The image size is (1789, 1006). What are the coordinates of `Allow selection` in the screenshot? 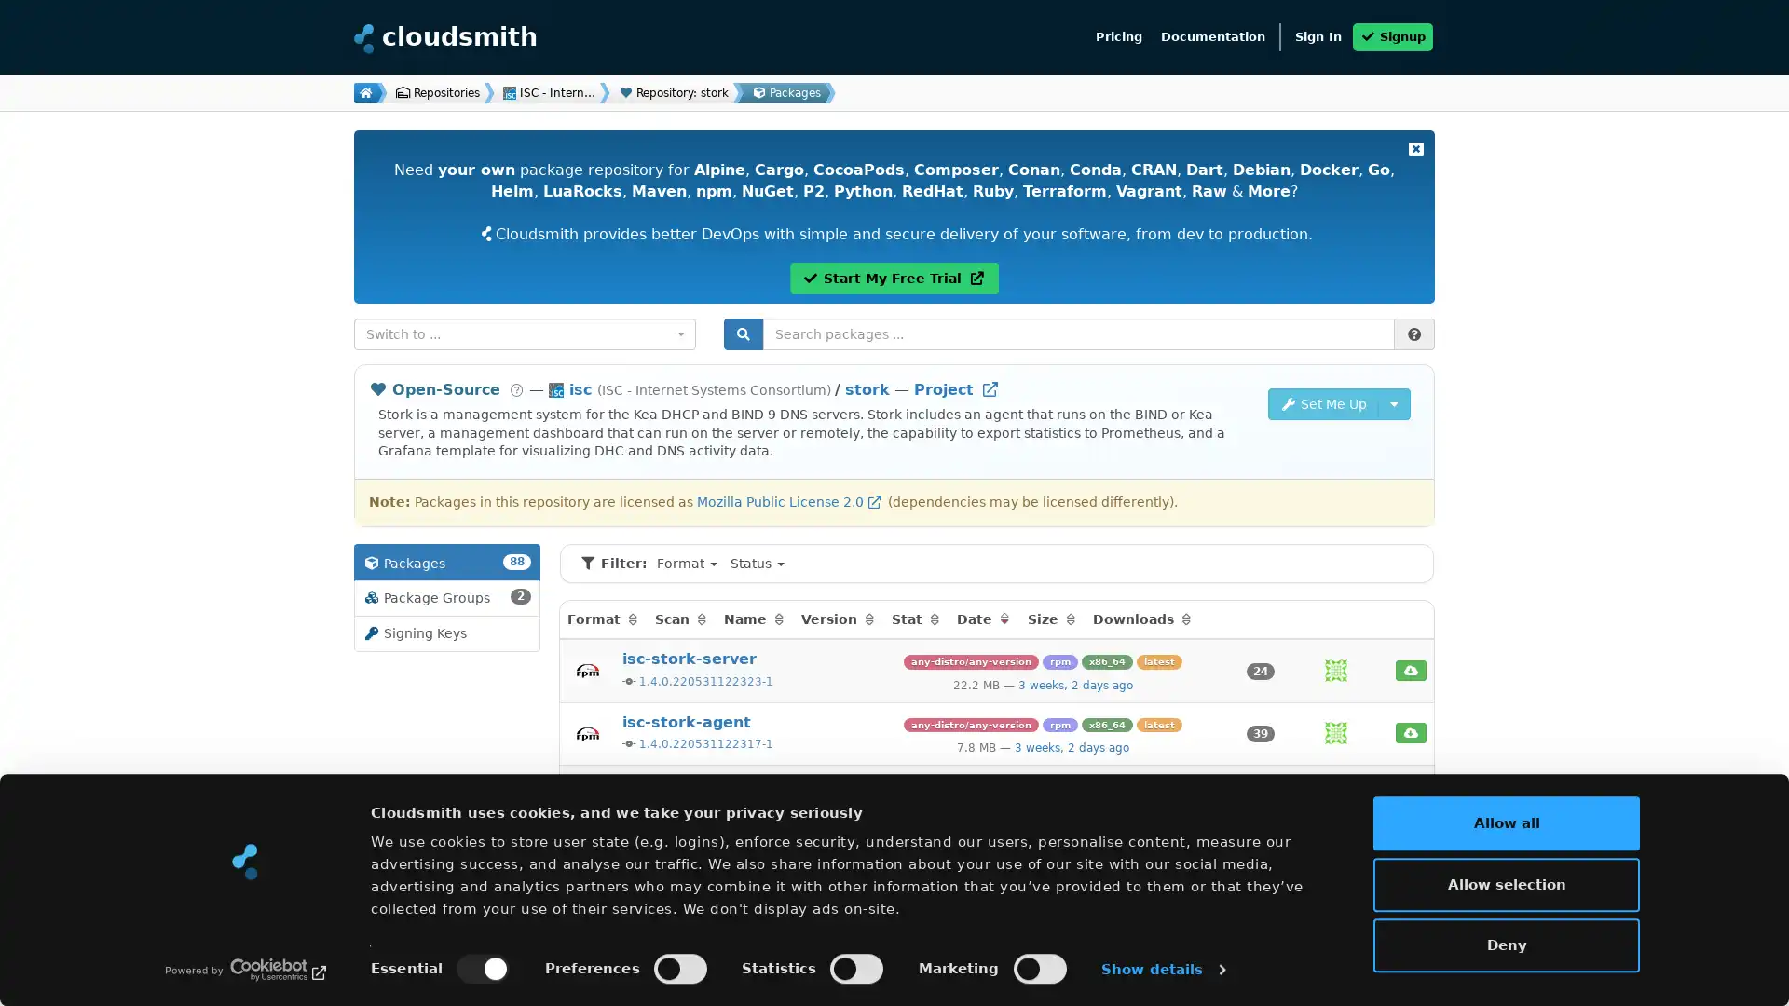 It's located at (1507, 882).